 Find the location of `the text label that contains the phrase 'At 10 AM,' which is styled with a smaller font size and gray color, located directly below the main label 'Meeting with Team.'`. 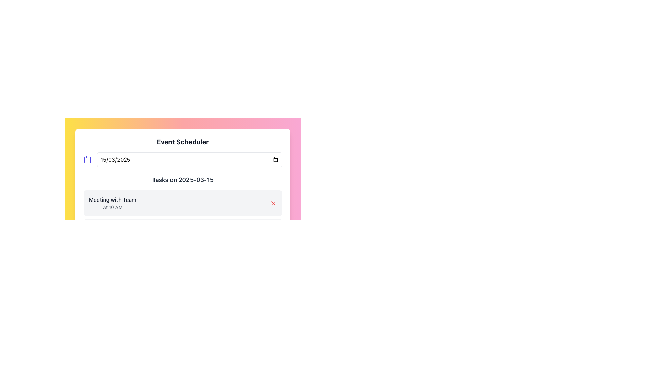

the text label that contains the phrase 'At 10 AM,' which is styled with a smaller font size and gray color, located directly below the main label 'Meeting with Team.' is located at coordinates (112, 207).